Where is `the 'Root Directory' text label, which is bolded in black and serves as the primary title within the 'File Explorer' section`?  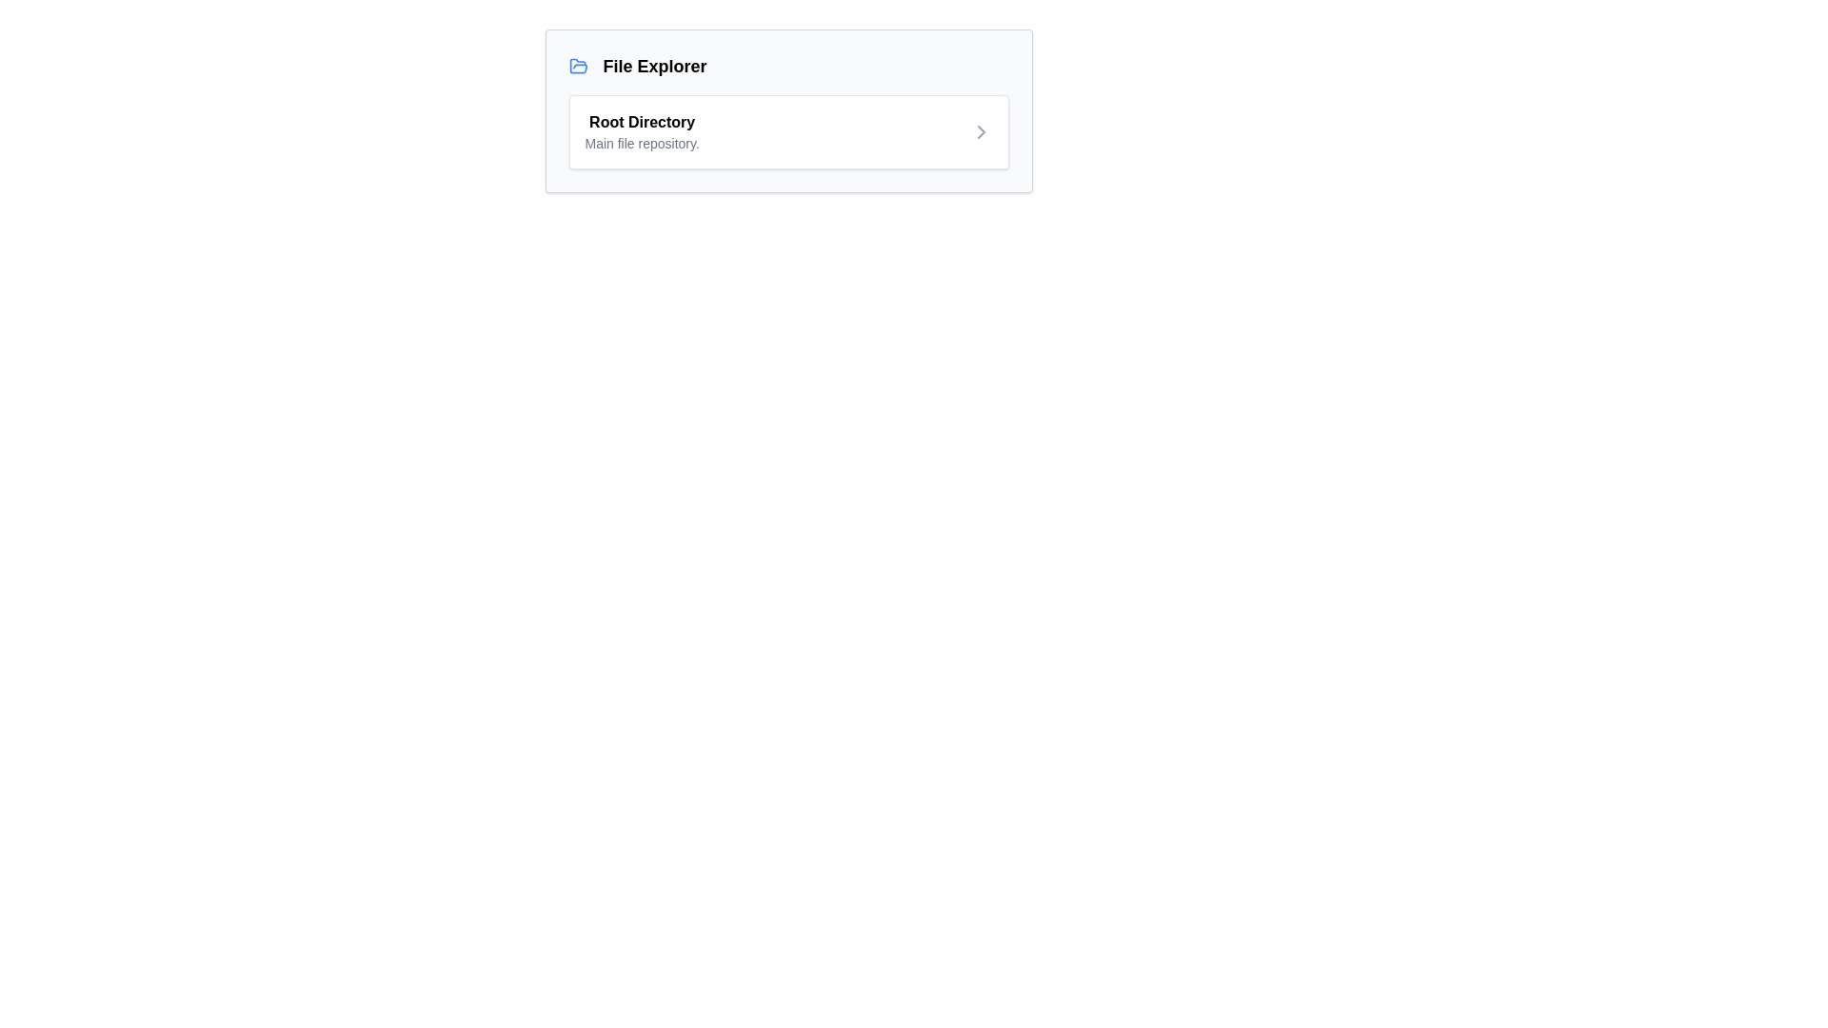
the 'Root Directory' text label, which is bolded in black and serves as the primary title within the 'File Explorer' section is located at coordinates (642, 130).